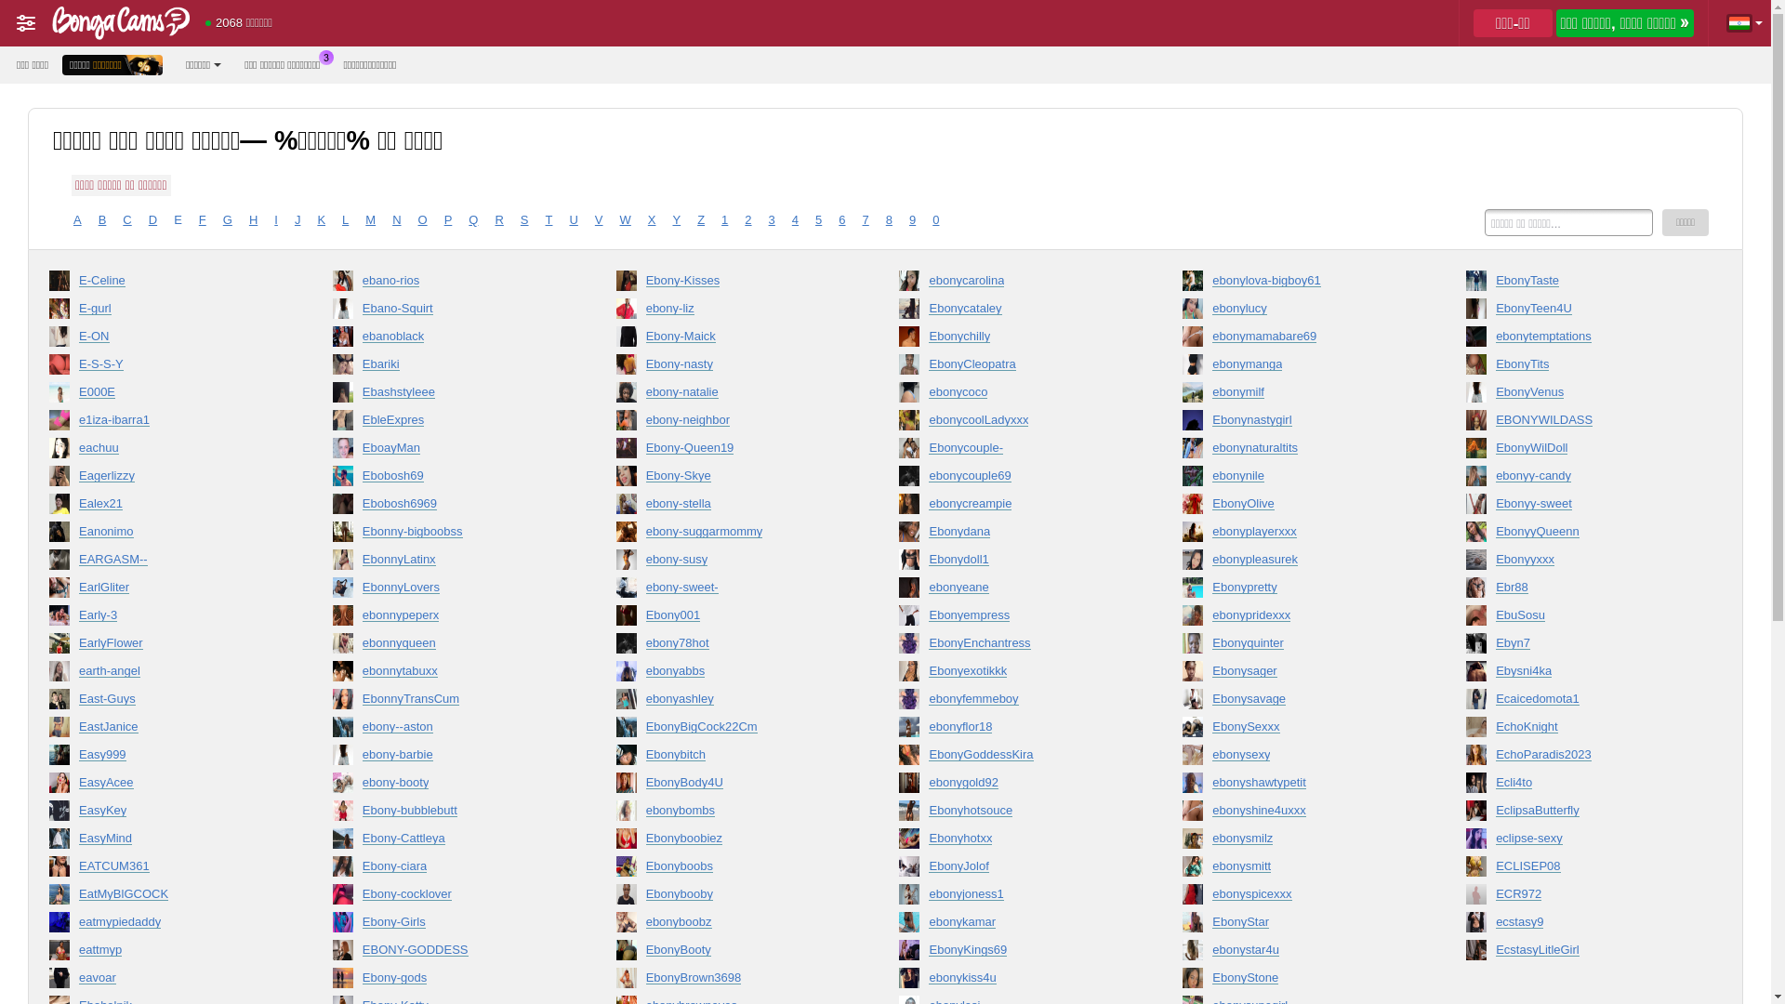  What do you see at coordinates (447, 674) in the screenshot?
I see `'ebonnytabuxx'` at bounding box center [447, 674].